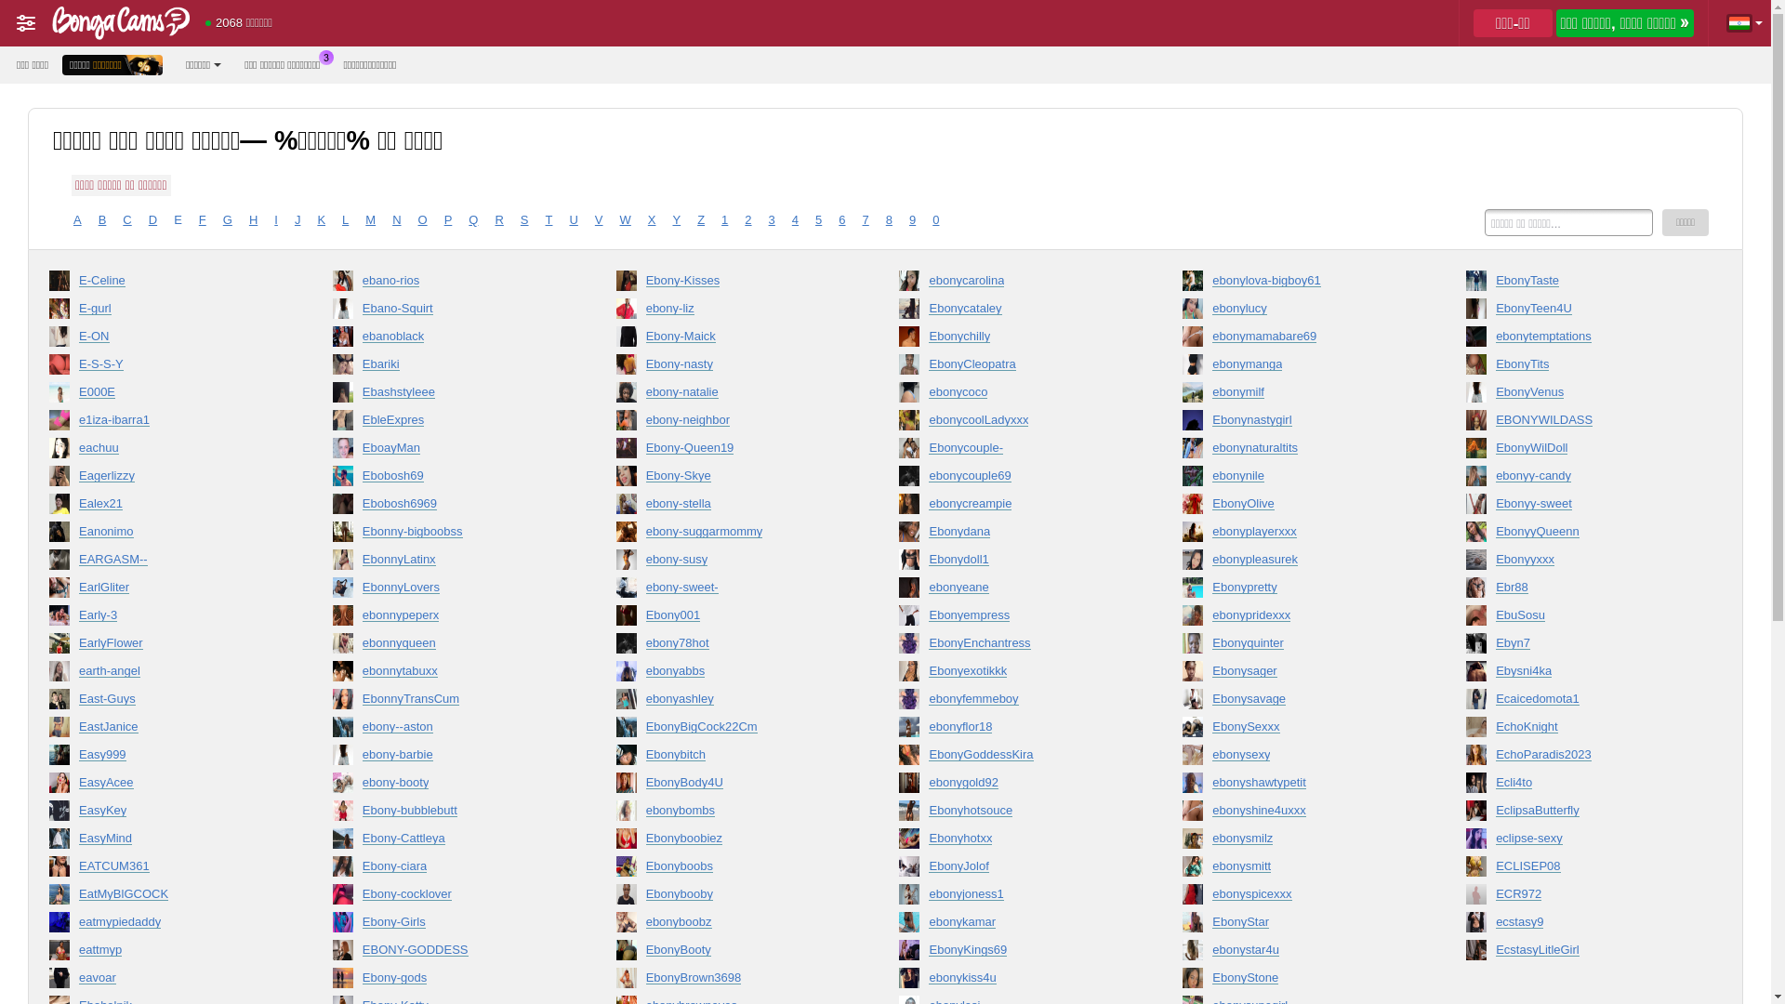  What do you see at coordinates (447, 674) in the screenshot?
I see `'ebonnytabuxx'` at bounding box center [447, 674].